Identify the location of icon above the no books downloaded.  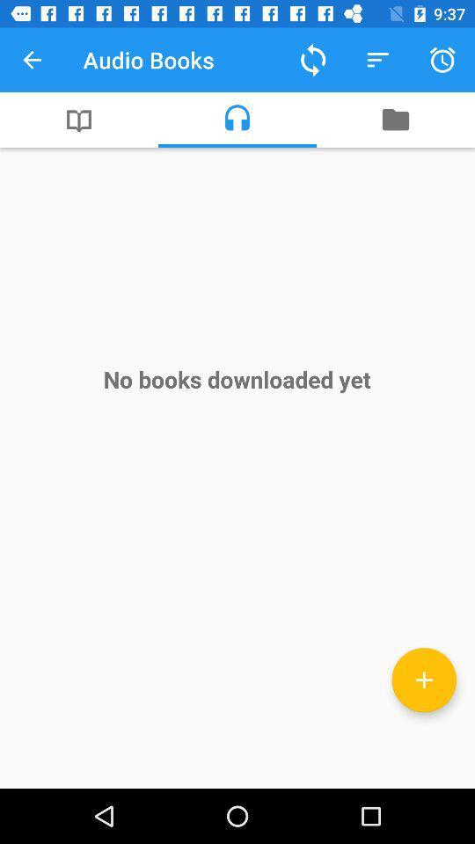
(237, 119).